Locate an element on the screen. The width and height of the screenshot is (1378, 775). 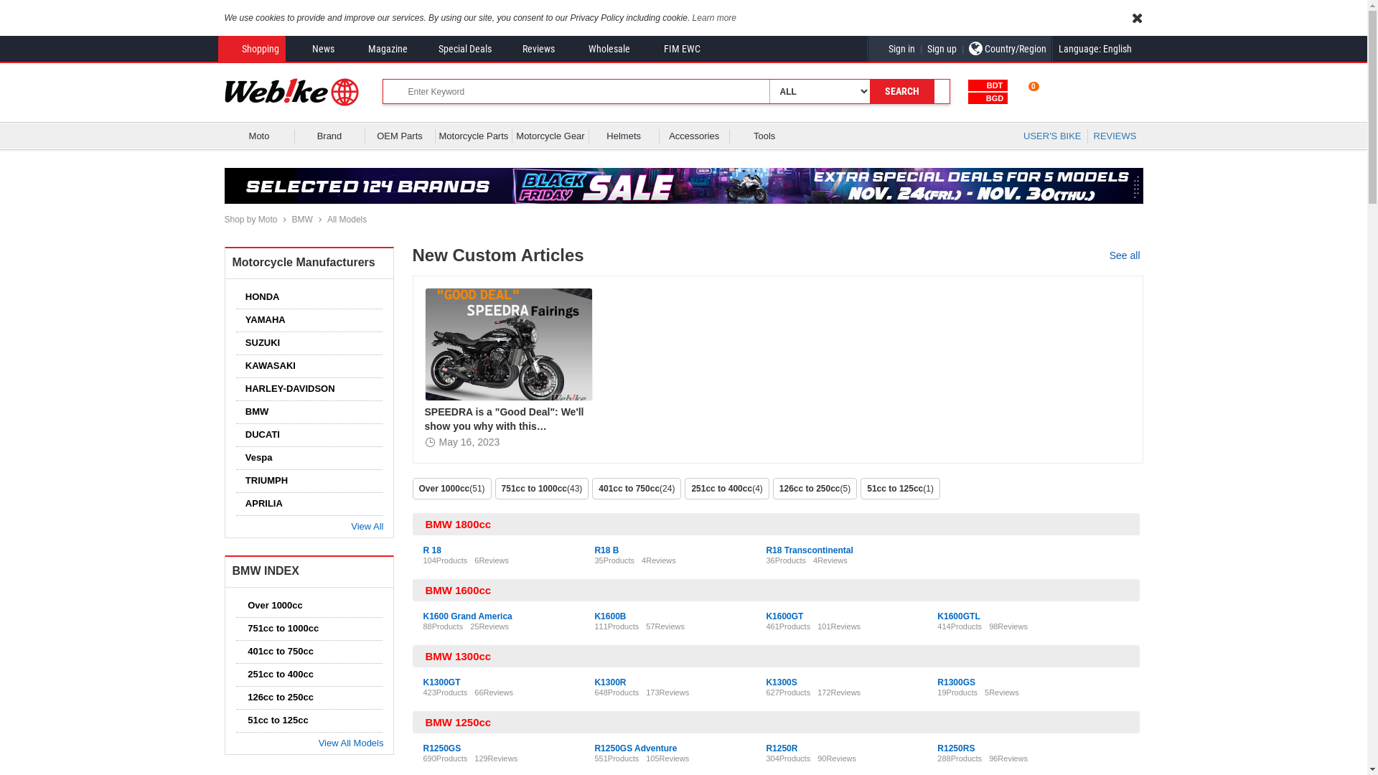
'Shop by Moto' is located at coordinates (223, 219).